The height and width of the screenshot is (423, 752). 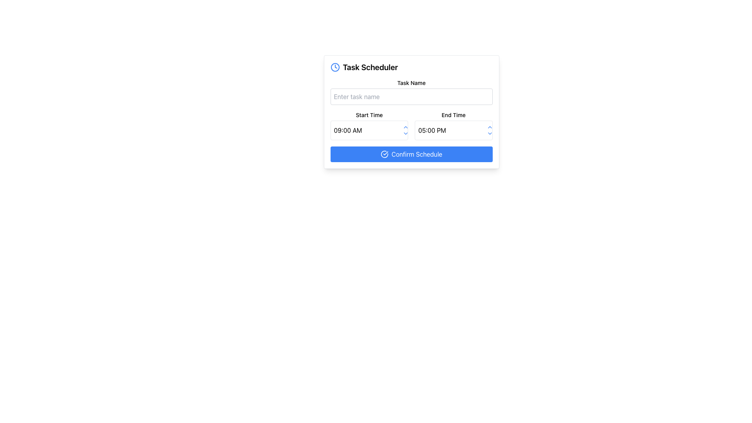 What do you see at coordinates (411, 154) in the screenshot?
I see `the confirmation button located in the 'Task Scheduler' section` at bounding box center [411, 154].